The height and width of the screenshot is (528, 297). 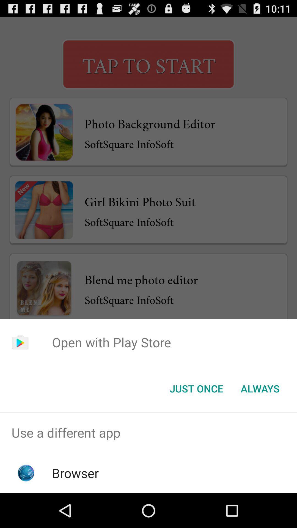 What do you see at coordinates (260, 388) in the screenshot?
I see `app below open with play app` at bounding box center [260, 388].